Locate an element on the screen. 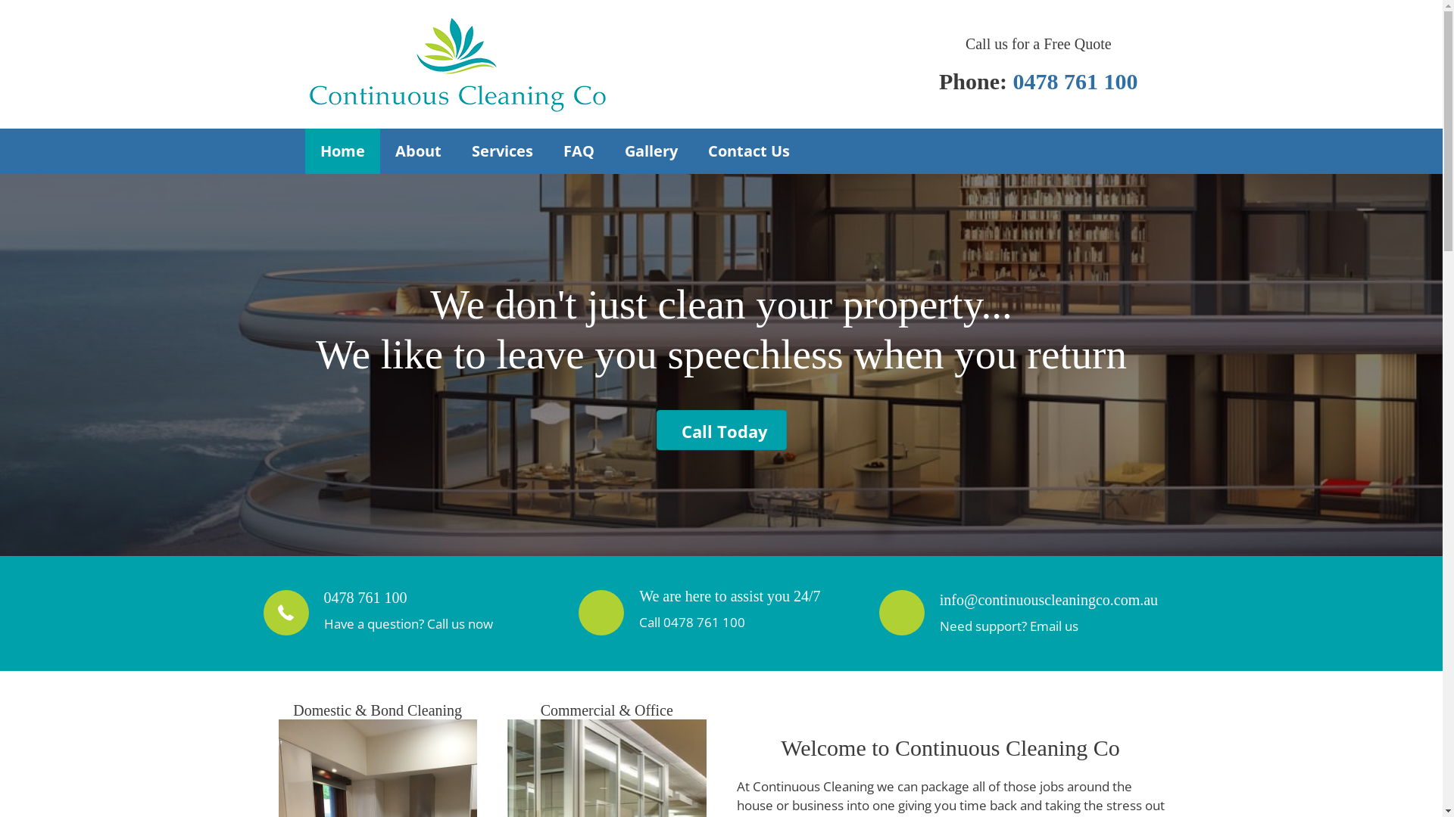 Image resolution: width=1454 pixels, height=817 pixels. 'Skip to content' is located at coordinates (0, 0).